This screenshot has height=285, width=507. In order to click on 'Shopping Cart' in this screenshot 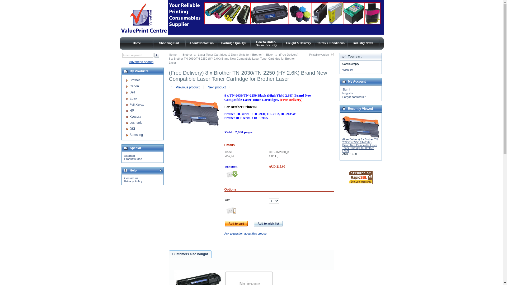, I will do `click(169, 42)`.